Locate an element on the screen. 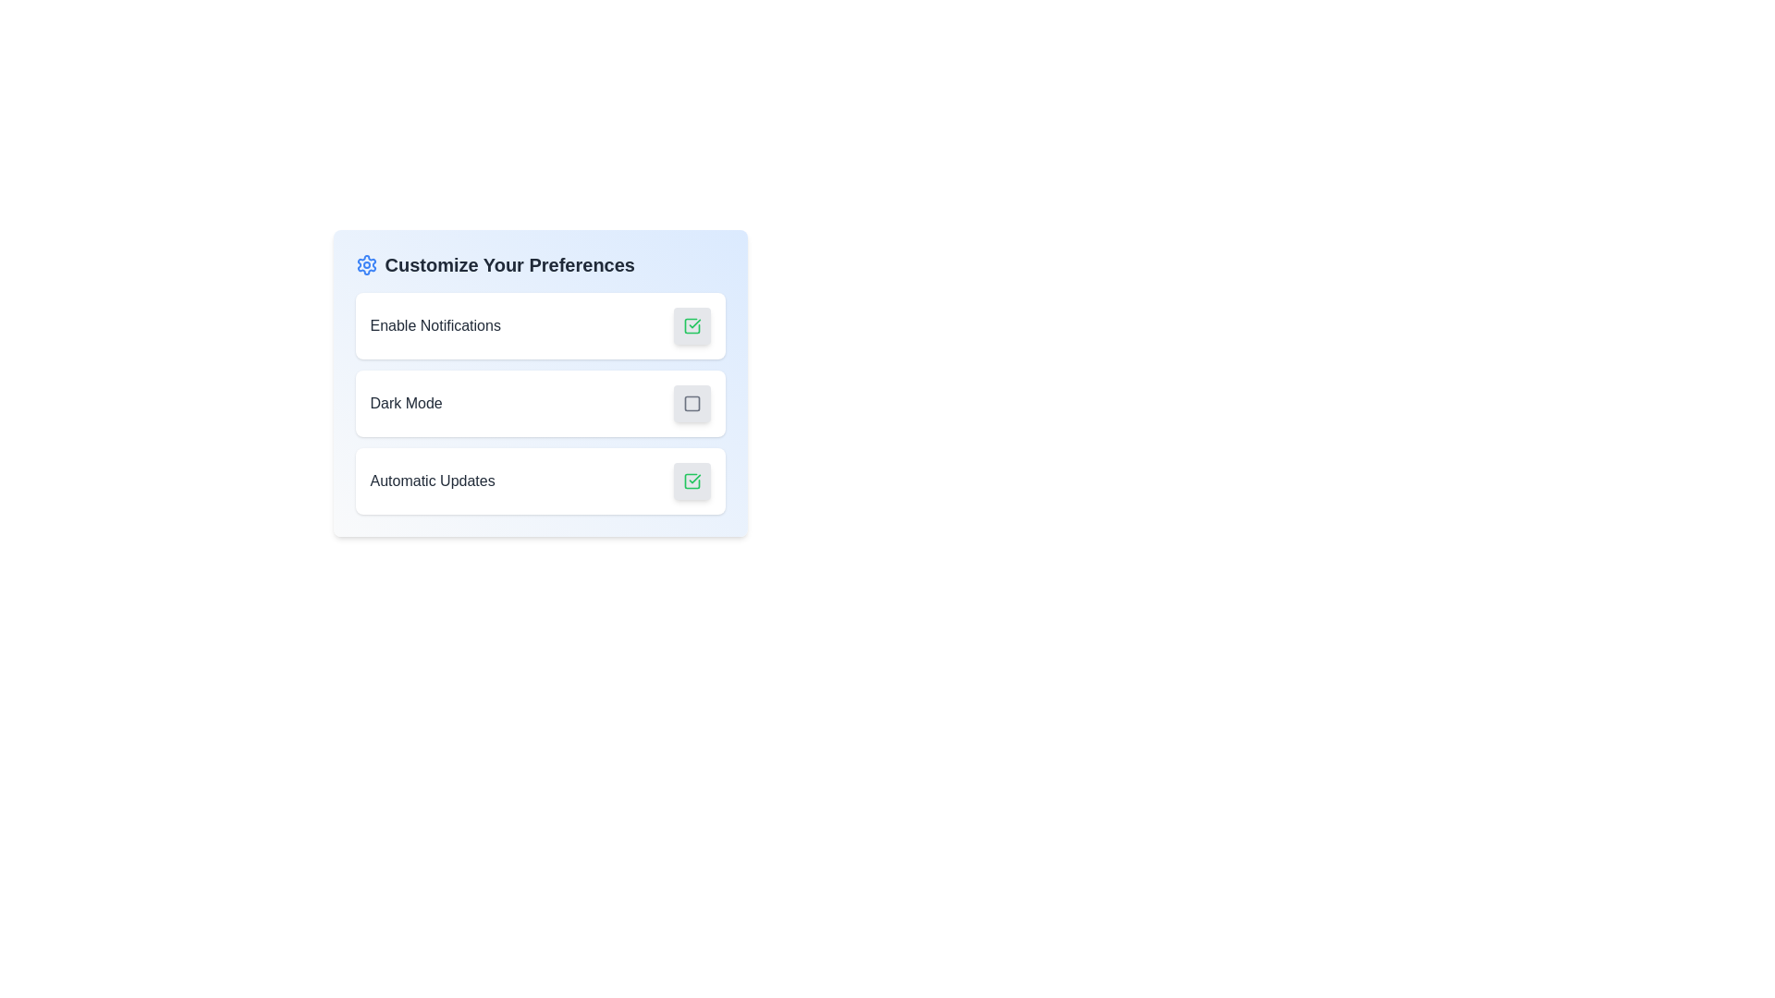 The height and width of the screenshot is (998, 1775). the checkbox located in the second row of the 'Customize Your Preferences' panel to the right of the 'Dark Mode' text label is located at coordinates (691, 402).